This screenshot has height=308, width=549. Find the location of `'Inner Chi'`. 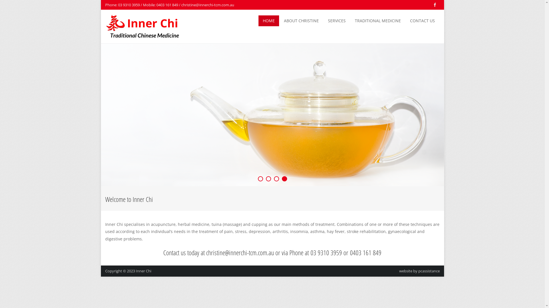

'Inner Chi' is located at coordinates (135, 270).